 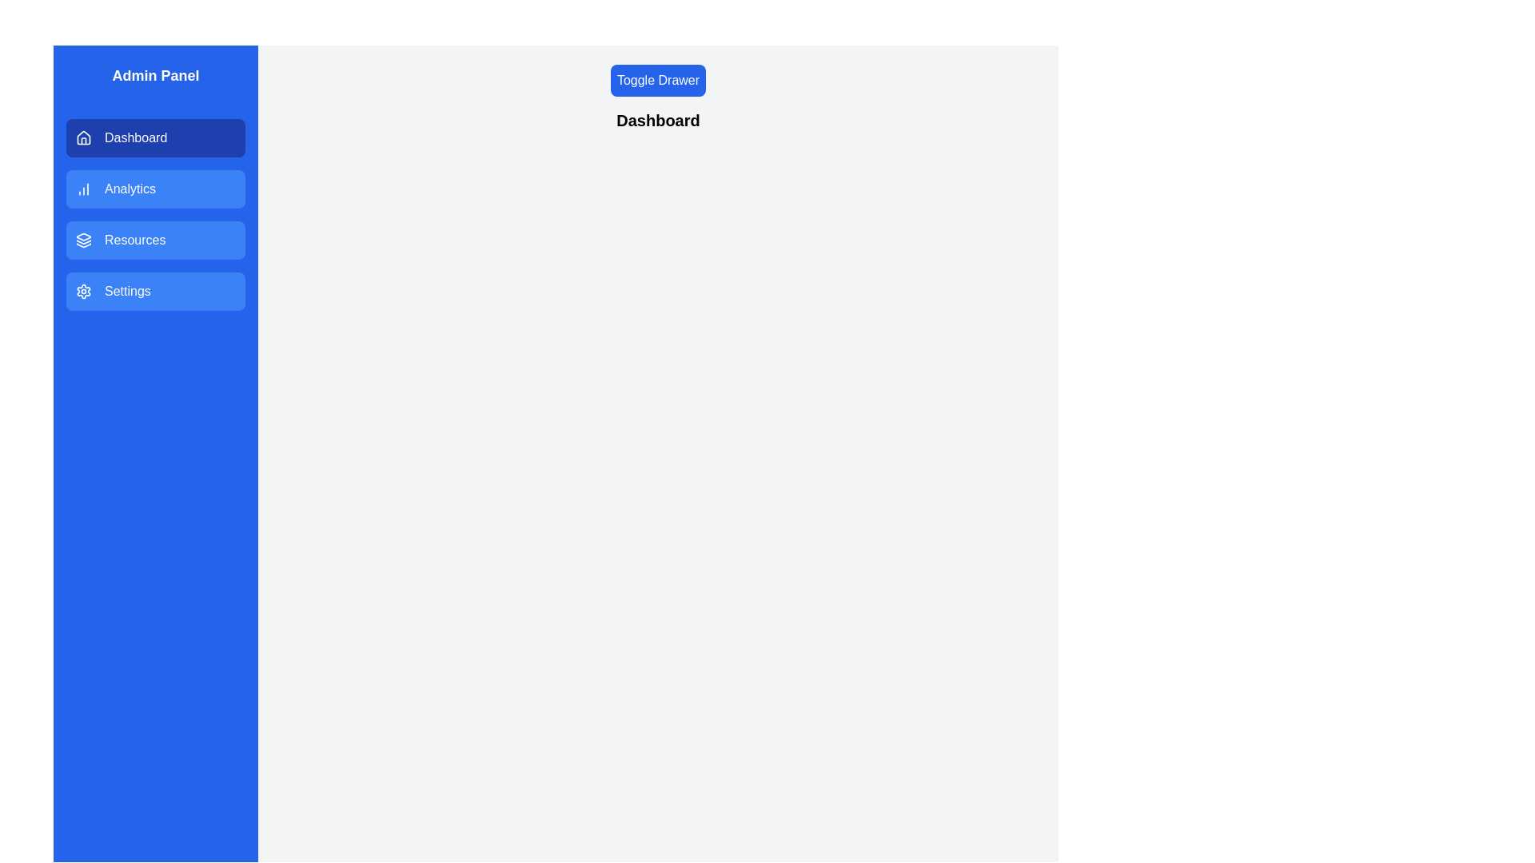 What do you see at coordinates (156, 188) in the screenshot?
I see `the menu section Analytics by clicking on its button` at bounding box center [156, 188].